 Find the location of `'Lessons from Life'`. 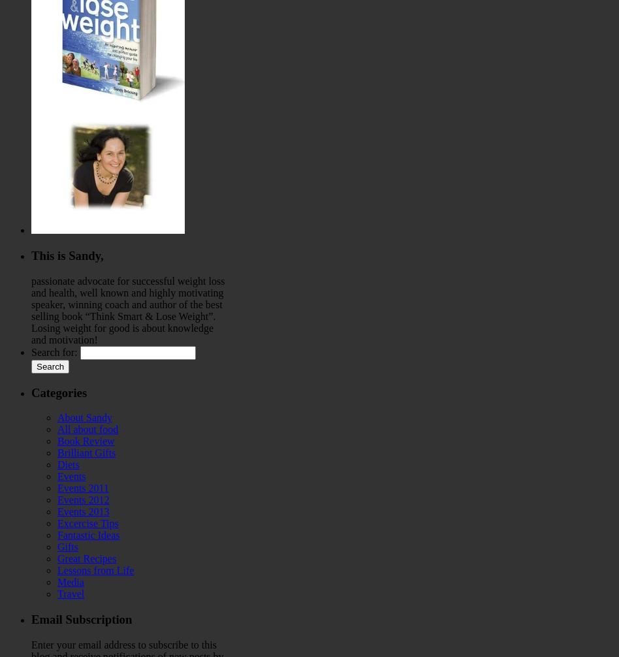

'Lessons from Life' is located at coordinates (95, 569).